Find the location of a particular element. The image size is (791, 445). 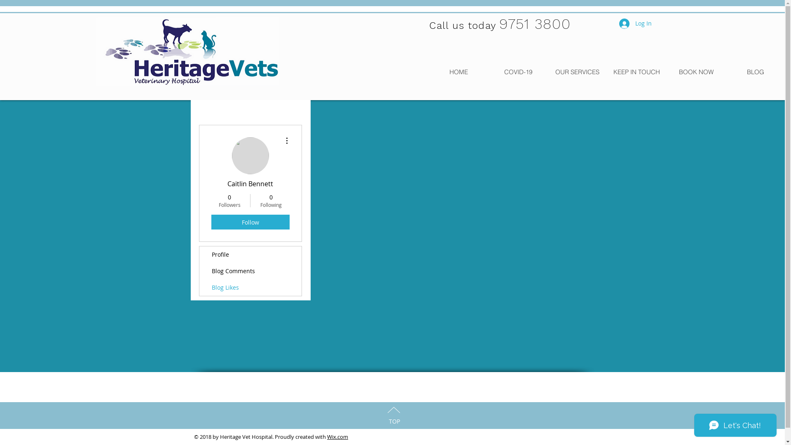

'Blog Likes' is located at coordinates (199, 287).